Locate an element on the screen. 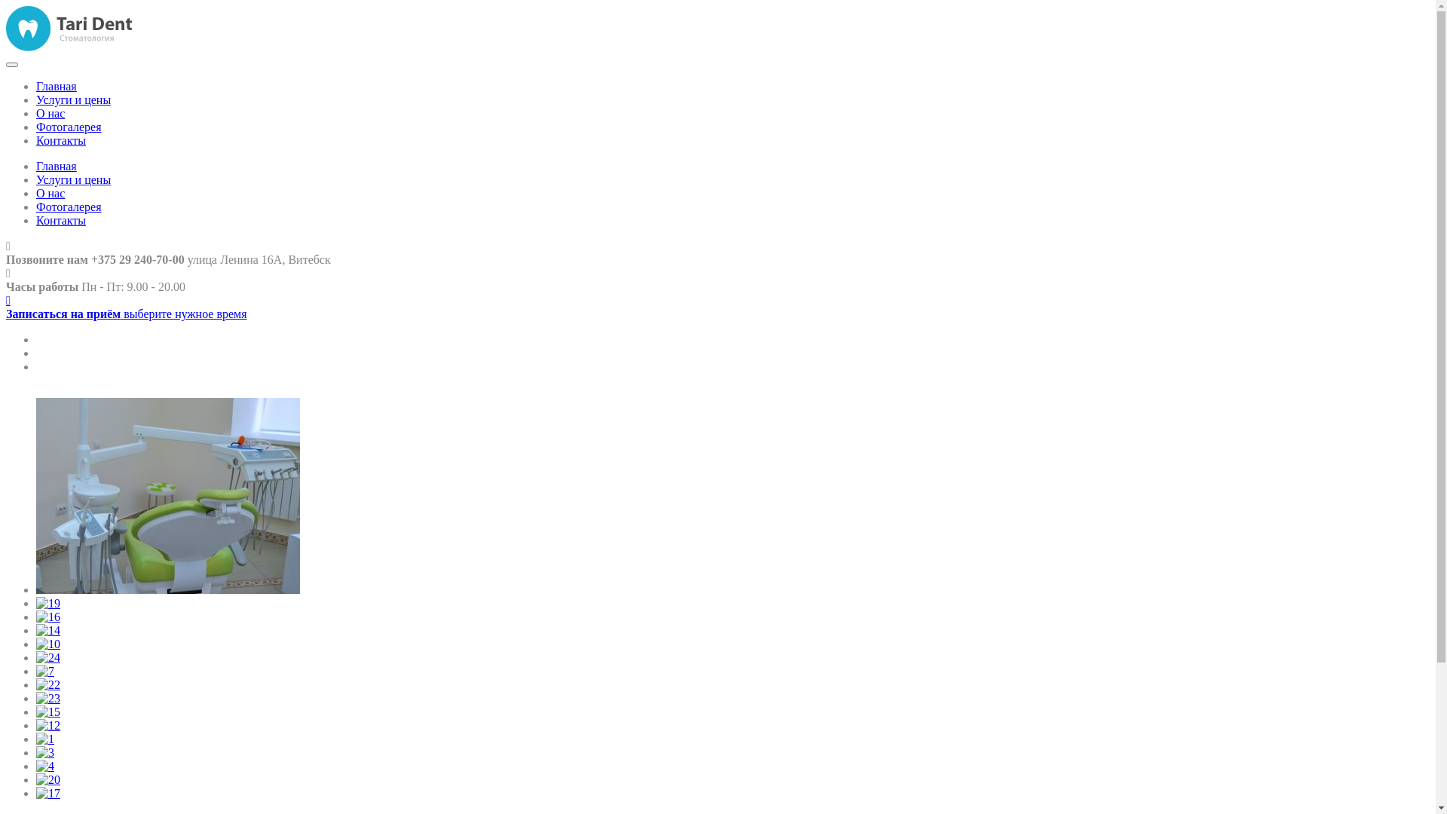 The width and height of the screenshot is (1447, 814). '16' is located at coordinates (47, 617).